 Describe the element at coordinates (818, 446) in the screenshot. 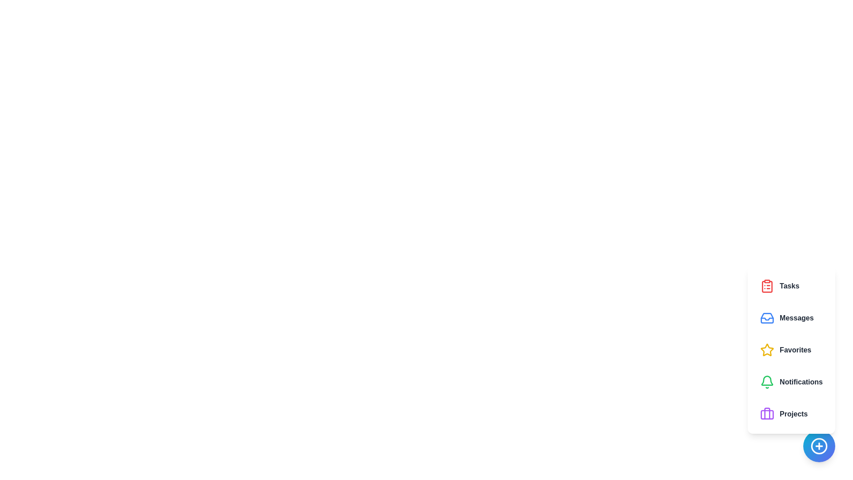

I see `the floating button to toggle the visibility of the speed dial panel` at that location.